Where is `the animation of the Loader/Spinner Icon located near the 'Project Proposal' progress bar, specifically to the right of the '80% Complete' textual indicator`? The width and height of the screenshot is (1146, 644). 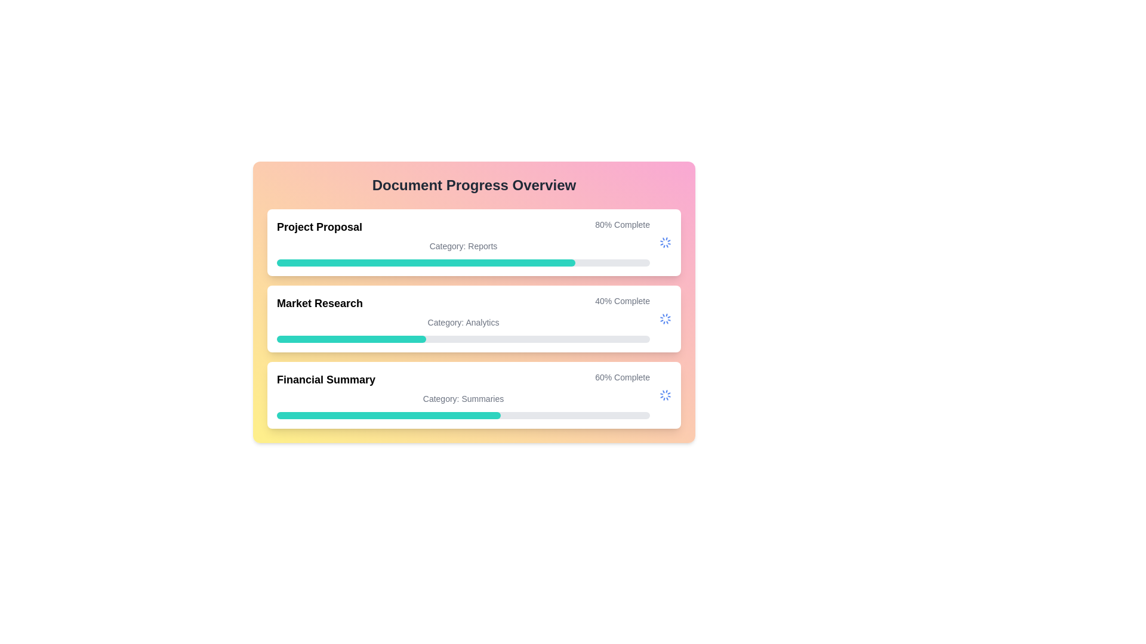
the animation of the Loader/Spinner Icon located near the 'Project Proposal' progress bar, specifically to the right of the '80% Complete' textual indicator is located at coordinates (664, 242).